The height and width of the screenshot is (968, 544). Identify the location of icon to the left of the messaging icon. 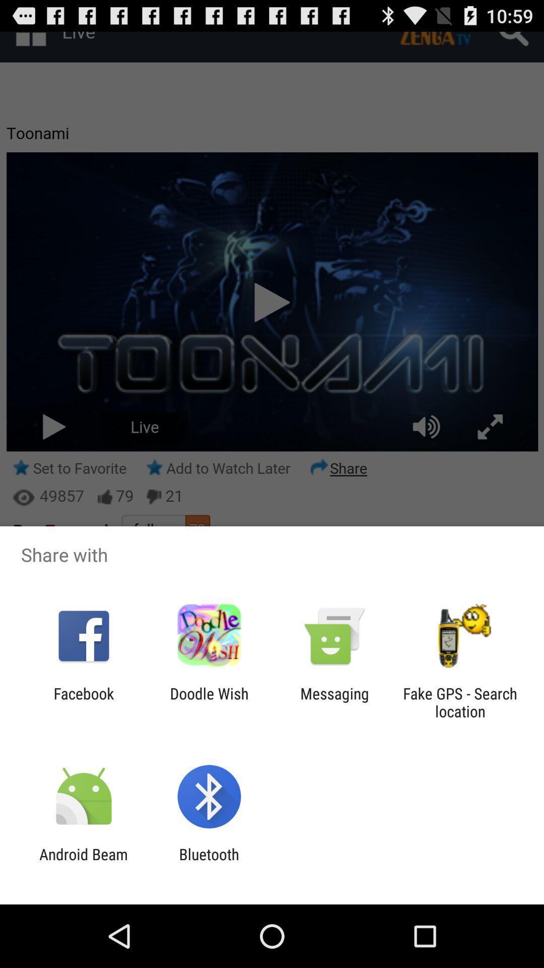
(209, 702).